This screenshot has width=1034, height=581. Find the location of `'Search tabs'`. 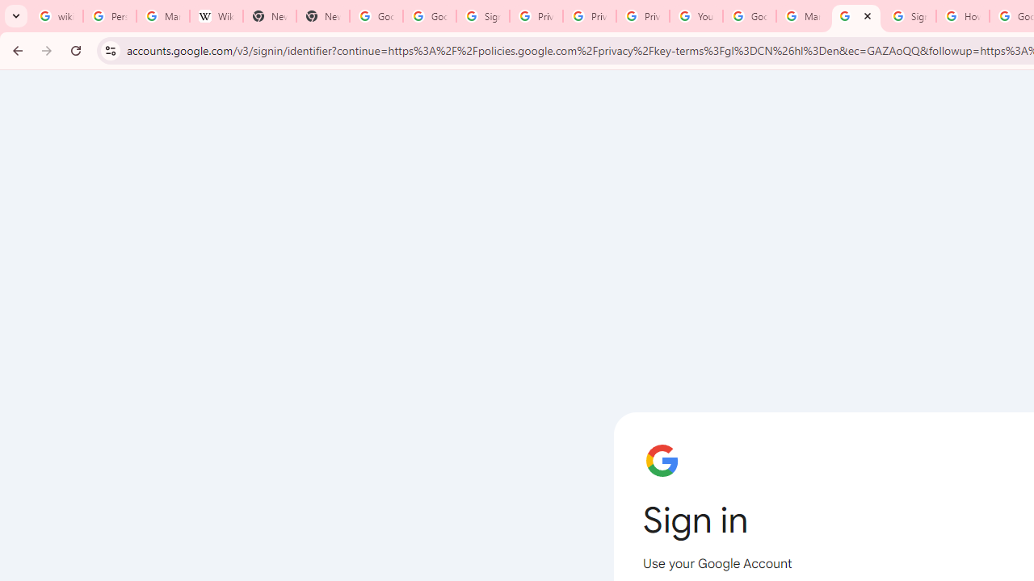

'Search tabs' is located at coordinates (16, 16).